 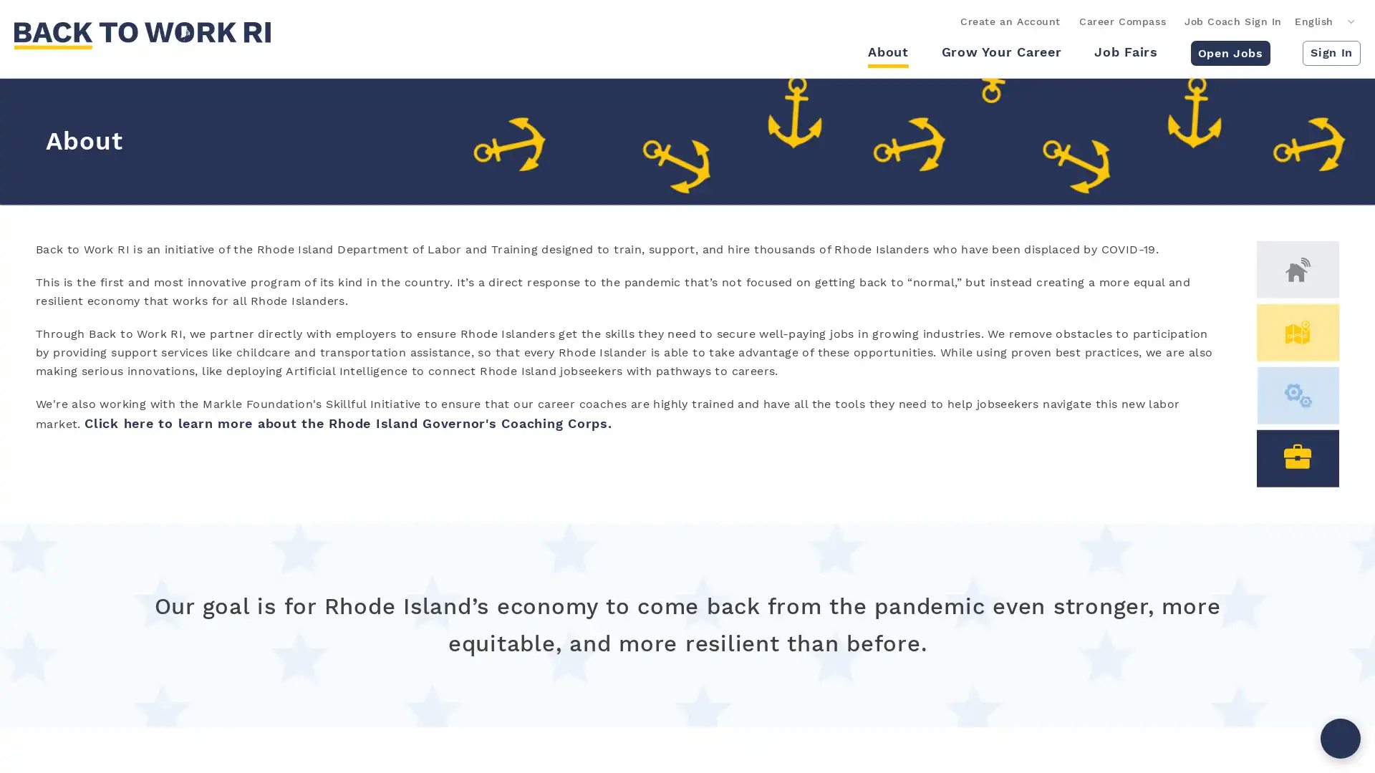 I want to click on Open Jobs, so click(x=1229, y=52).